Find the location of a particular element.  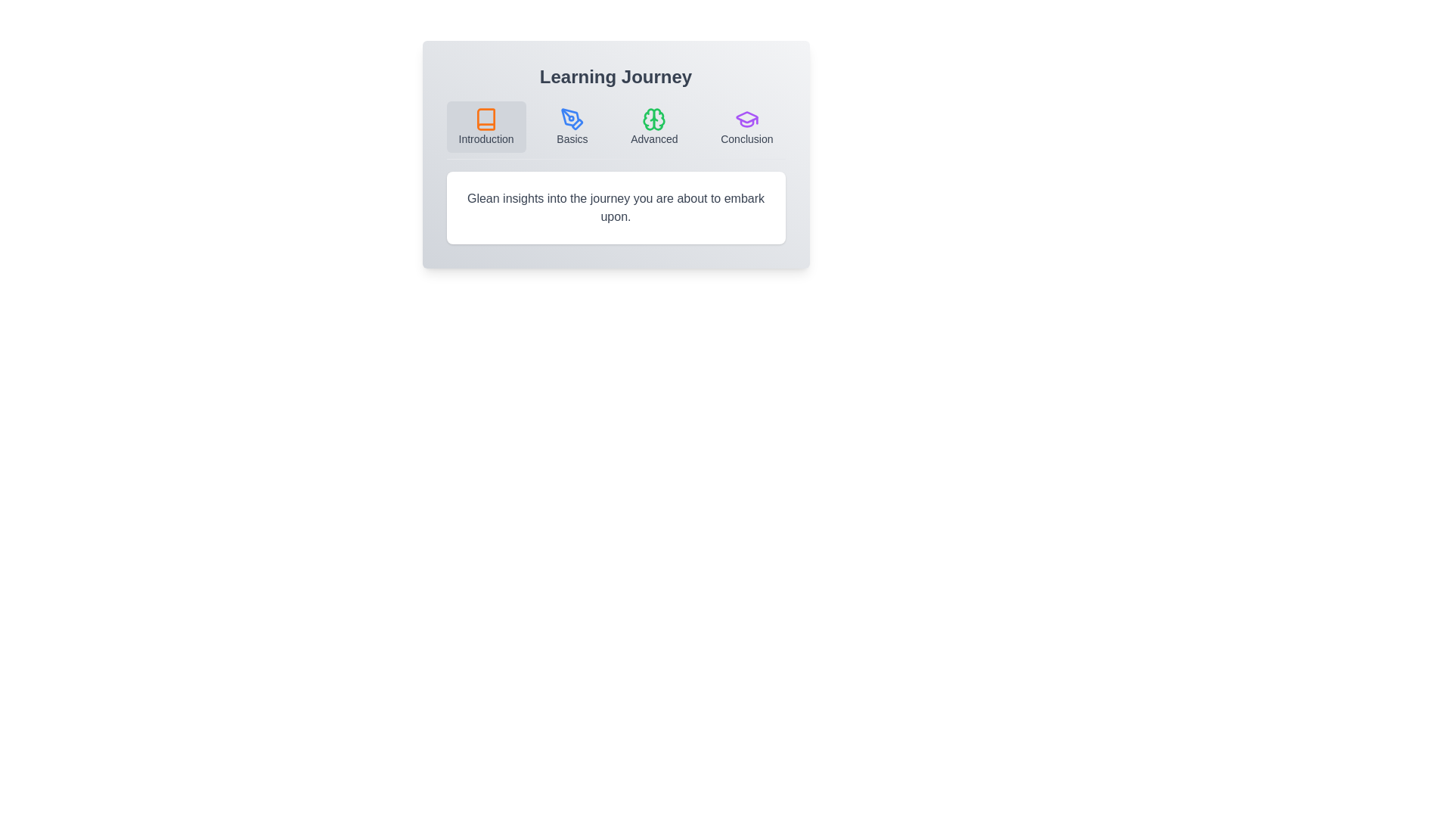

the Conclusion button to select the Conclusion topic is located at coordinates (746, 126).